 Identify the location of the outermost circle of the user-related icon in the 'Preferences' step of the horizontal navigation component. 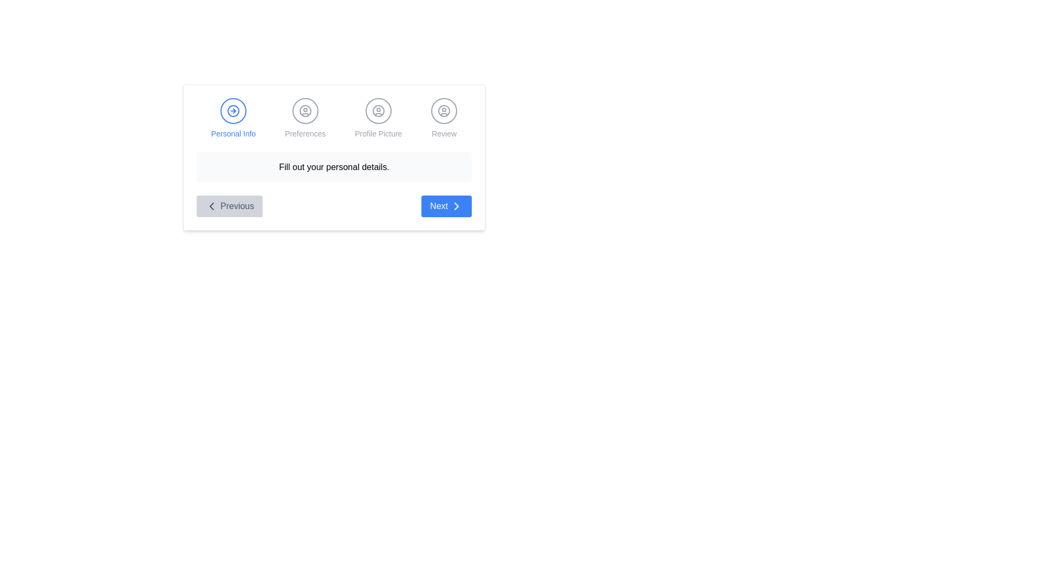
(304, 110).